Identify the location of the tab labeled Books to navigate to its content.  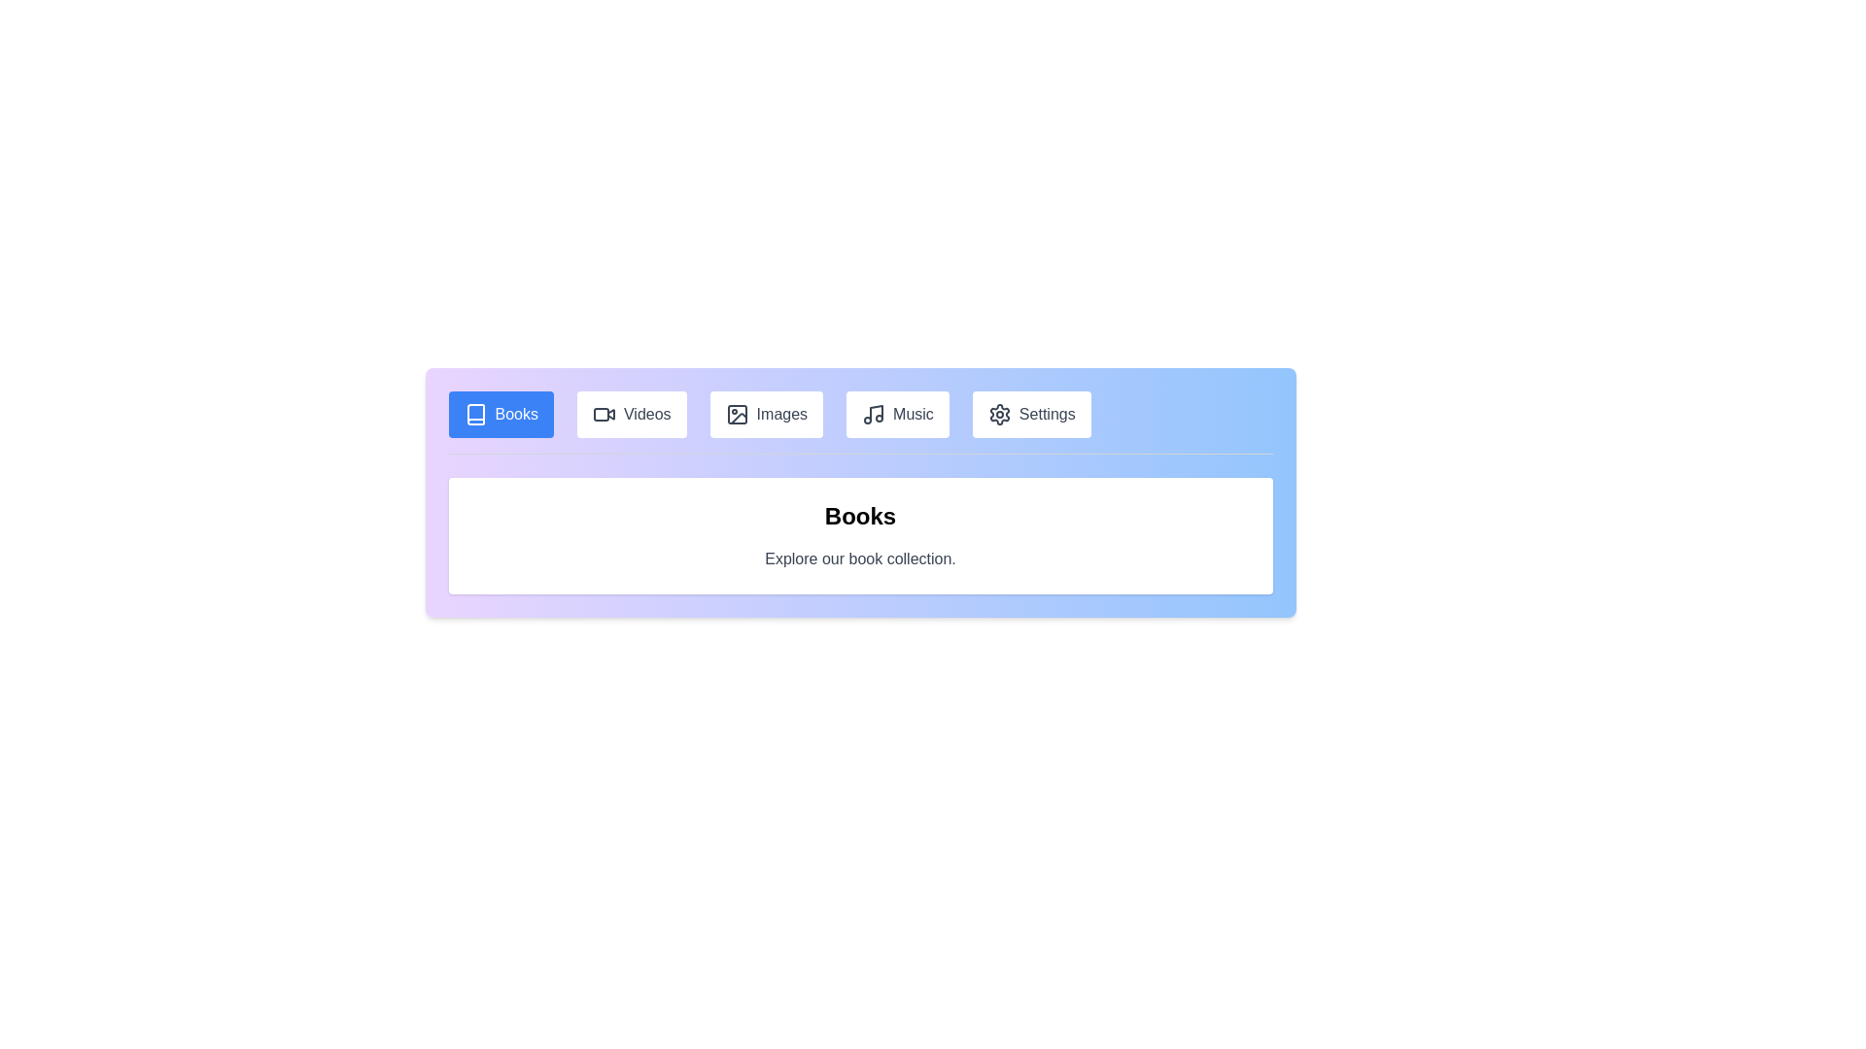
(501, 414).